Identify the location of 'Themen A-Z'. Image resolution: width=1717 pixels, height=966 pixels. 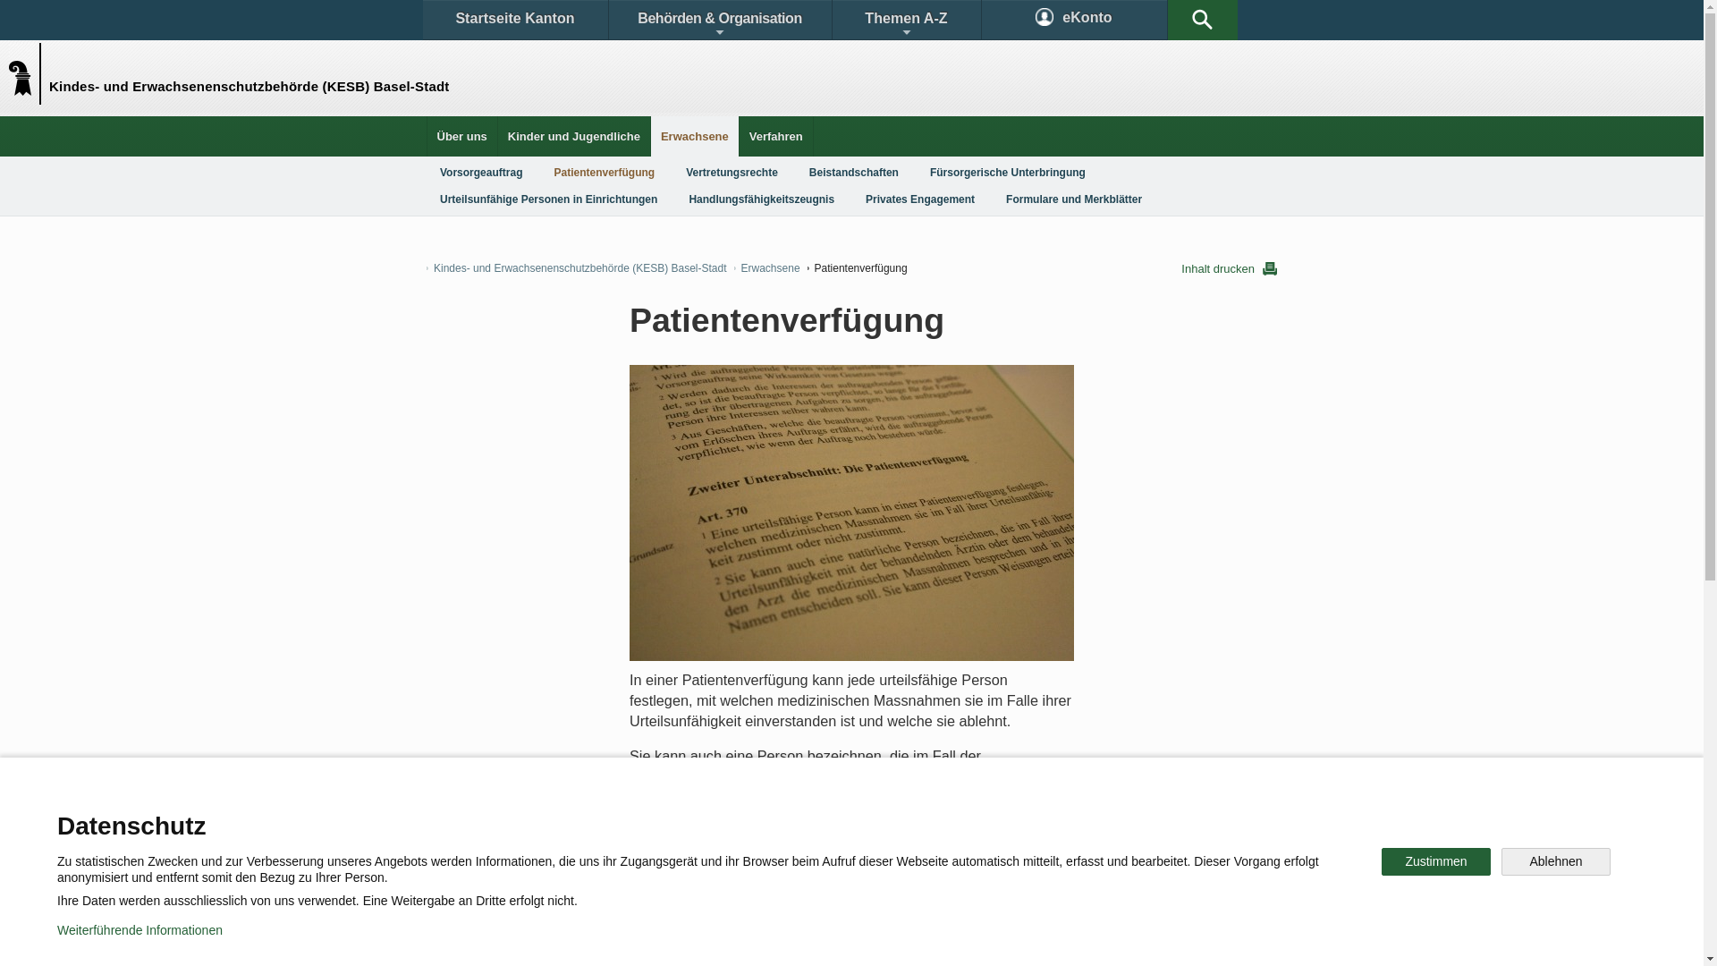
(905, 20).